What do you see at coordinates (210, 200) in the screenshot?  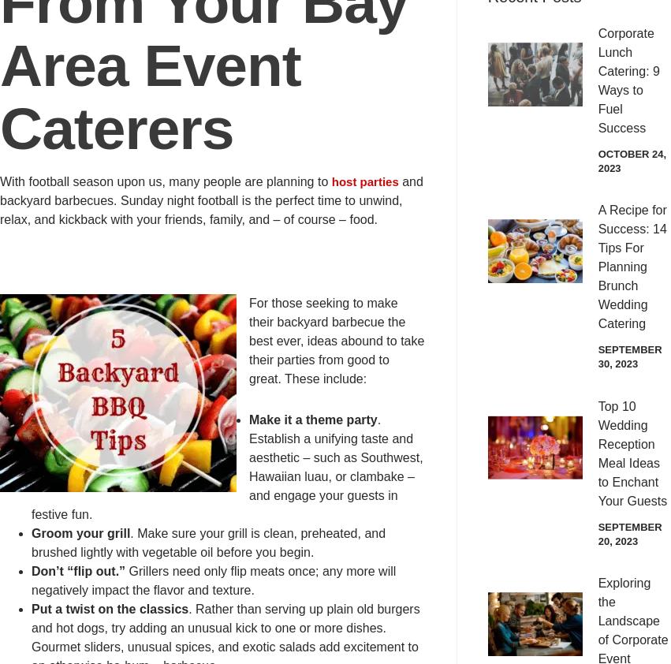 I see `'and backyard barbecues. Sunday night football is the perfect time to unwind, relax, and kickback with your friends, family, and – of course – food.'` at bounding box center [210, 200].